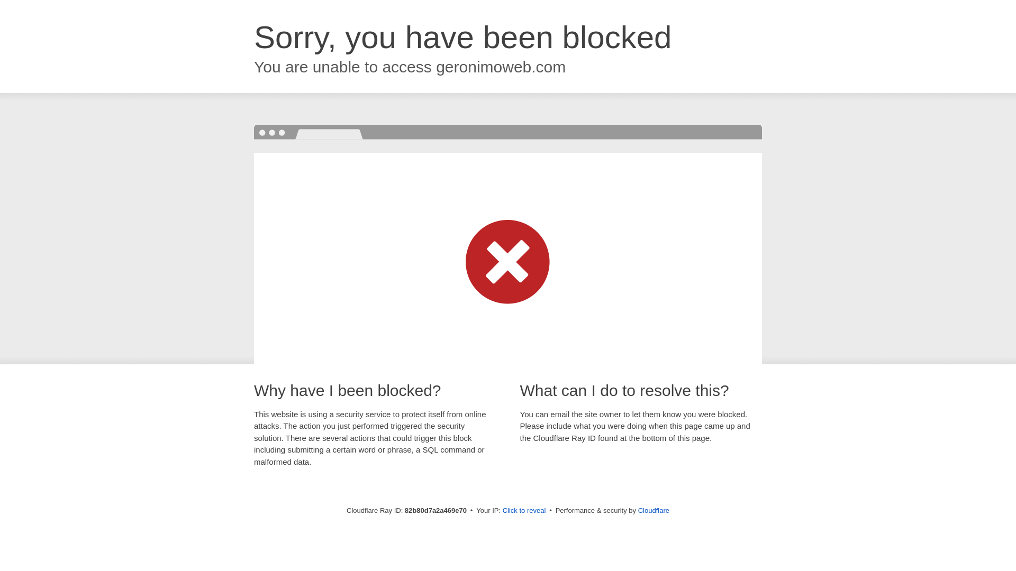 This screenshot has height=571, width=1016. What do you see at coordinates (653, 510) in the screenshot?
I see `'Cloudflare'` at bounding box center [653, 510].